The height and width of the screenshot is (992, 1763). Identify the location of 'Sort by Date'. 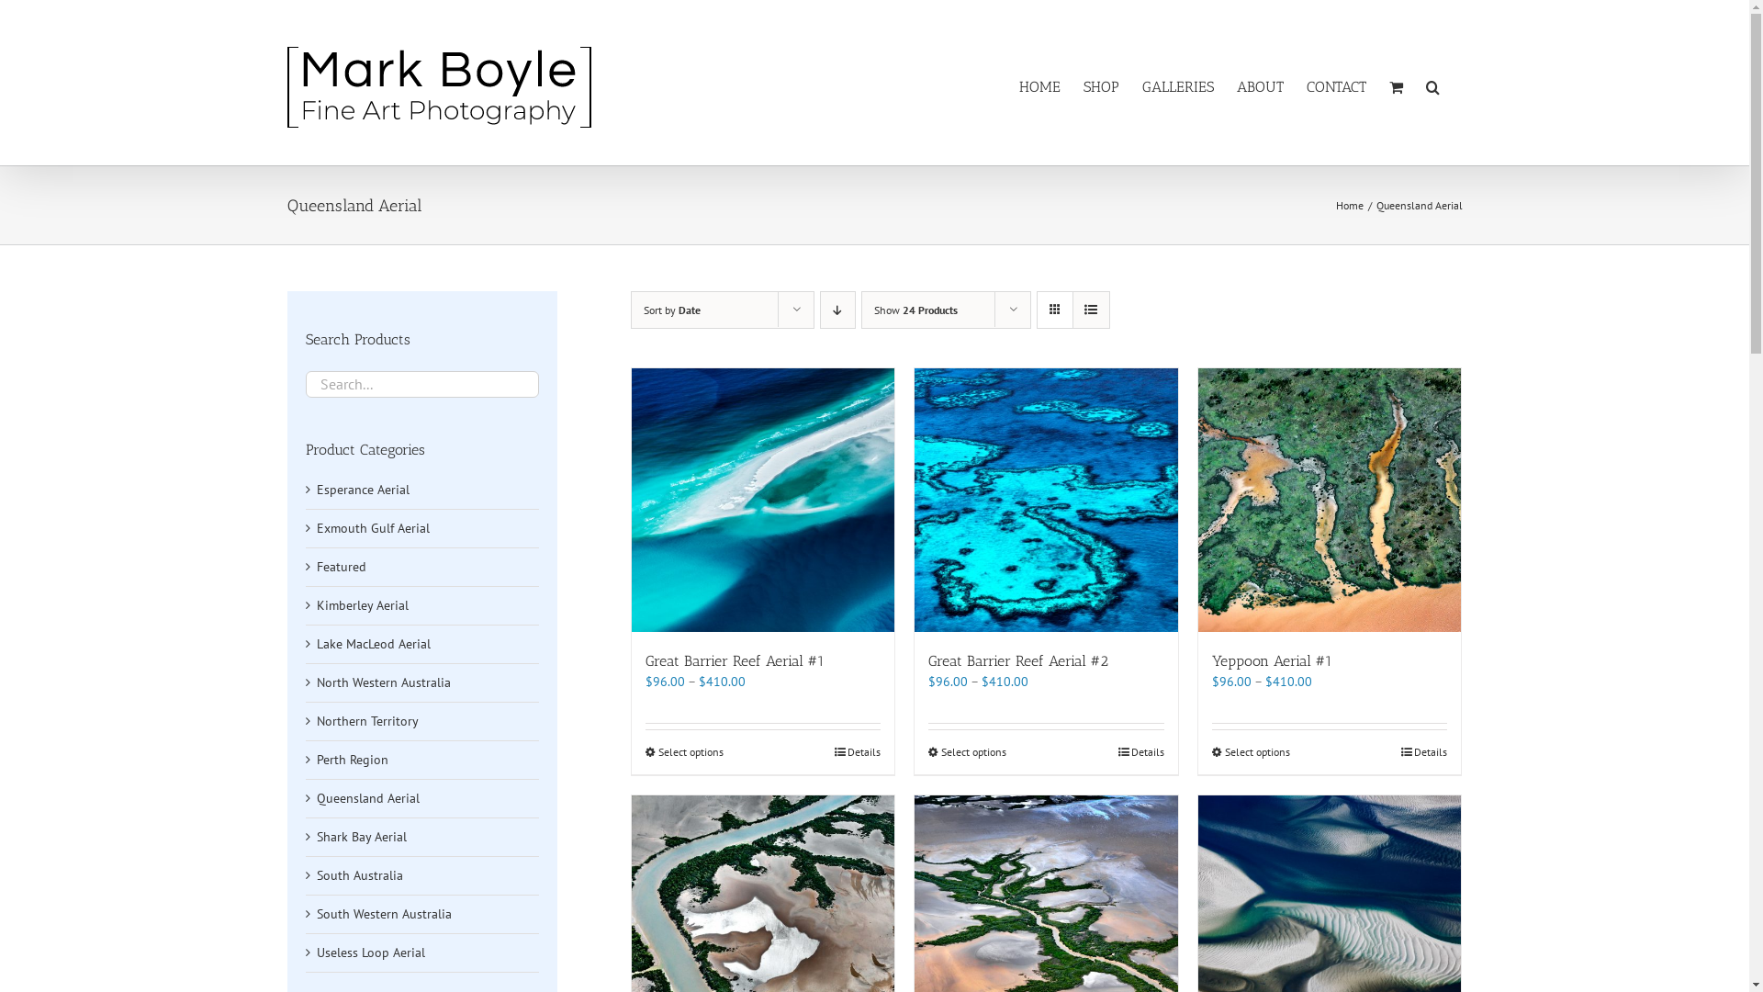
(643, 309).